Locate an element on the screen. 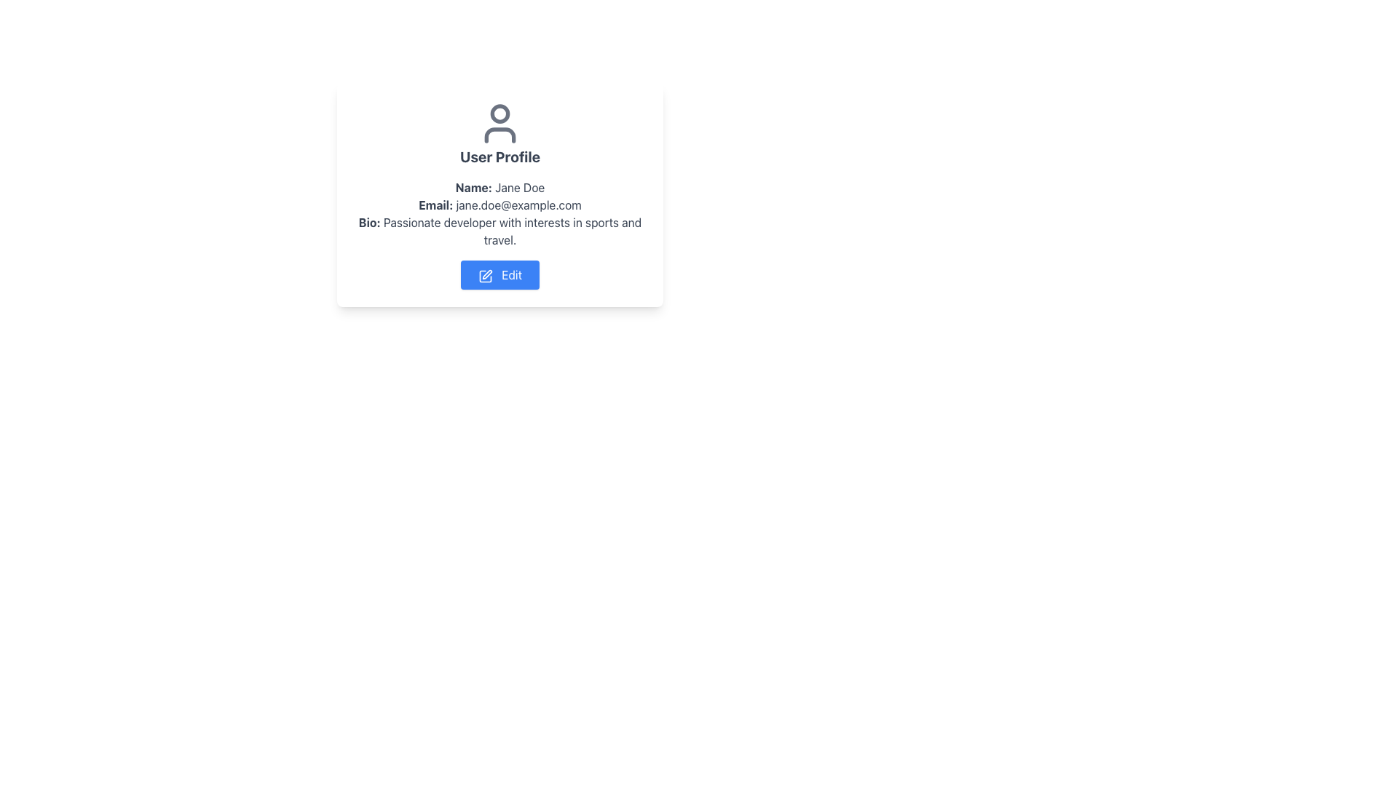  the static header element that visually represents the user profile section, which combines an icon and text is located at coordinates (499, 134).